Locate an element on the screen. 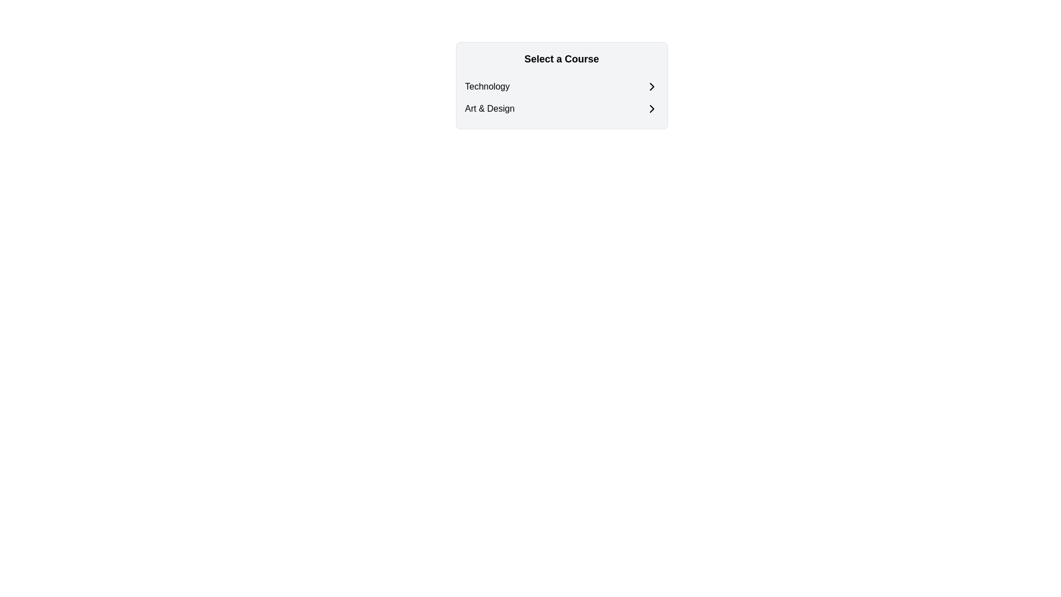 This screenshot has width=1061, height=597. the rightward-pointing chevron icon, which is a small black arrow on a white background located at the far right of the 'Technology' row in the 'Select a Course' interface is located at coordinates (652, 86).